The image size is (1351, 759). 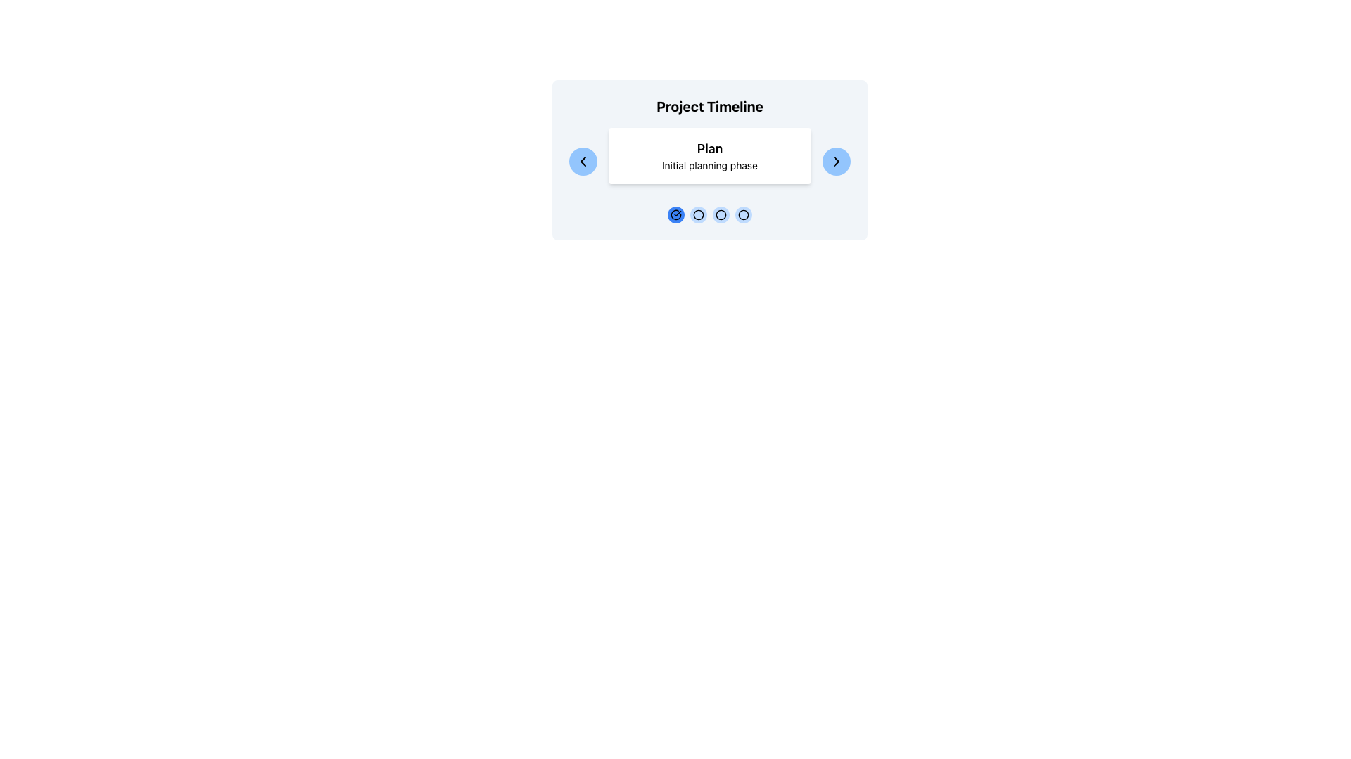 What do you see at coordinates (742, 214) in the screenshot?
I see `the fourth circular navigation indicator in the carousel UI, which represents a specific state in the sequence` at bounding box center [742, 214].